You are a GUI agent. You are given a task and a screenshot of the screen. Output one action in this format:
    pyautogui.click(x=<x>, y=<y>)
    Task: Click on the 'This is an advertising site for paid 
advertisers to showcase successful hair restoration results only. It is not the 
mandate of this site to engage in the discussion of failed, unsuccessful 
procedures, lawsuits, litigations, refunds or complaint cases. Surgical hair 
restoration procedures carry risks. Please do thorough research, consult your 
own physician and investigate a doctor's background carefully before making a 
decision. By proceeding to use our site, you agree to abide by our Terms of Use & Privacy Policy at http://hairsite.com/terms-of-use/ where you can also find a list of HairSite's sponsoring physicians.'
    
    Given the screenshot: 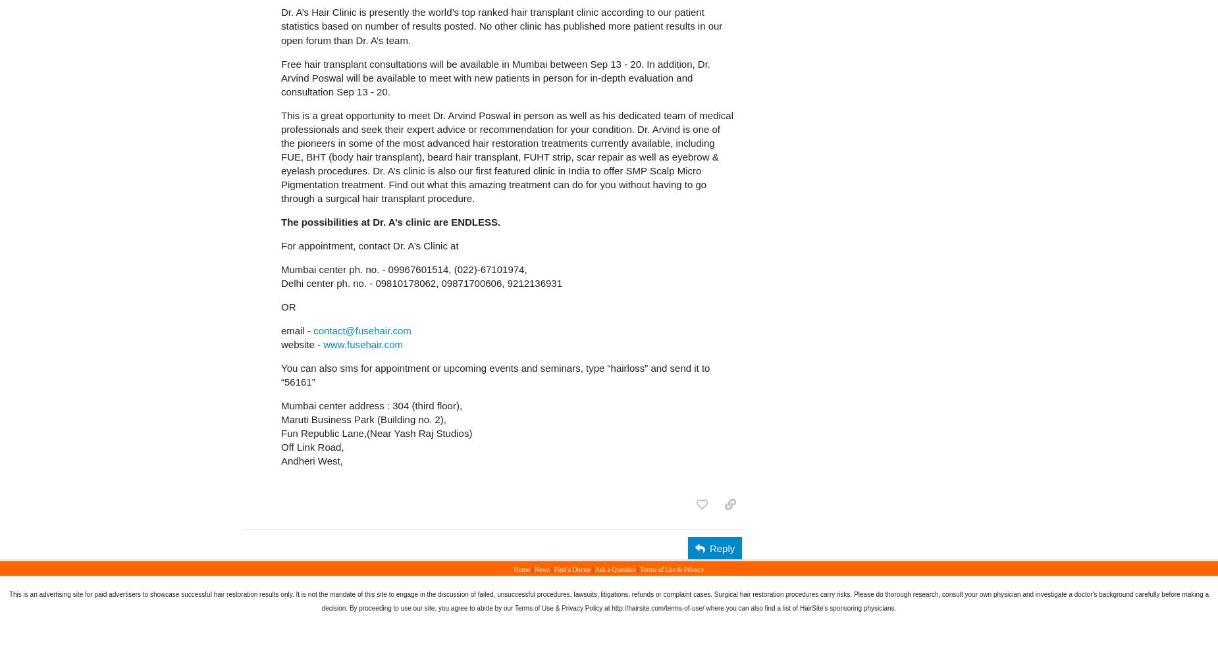 What is the action you would take?
    pyautogui.click(x=608, y=601)
    